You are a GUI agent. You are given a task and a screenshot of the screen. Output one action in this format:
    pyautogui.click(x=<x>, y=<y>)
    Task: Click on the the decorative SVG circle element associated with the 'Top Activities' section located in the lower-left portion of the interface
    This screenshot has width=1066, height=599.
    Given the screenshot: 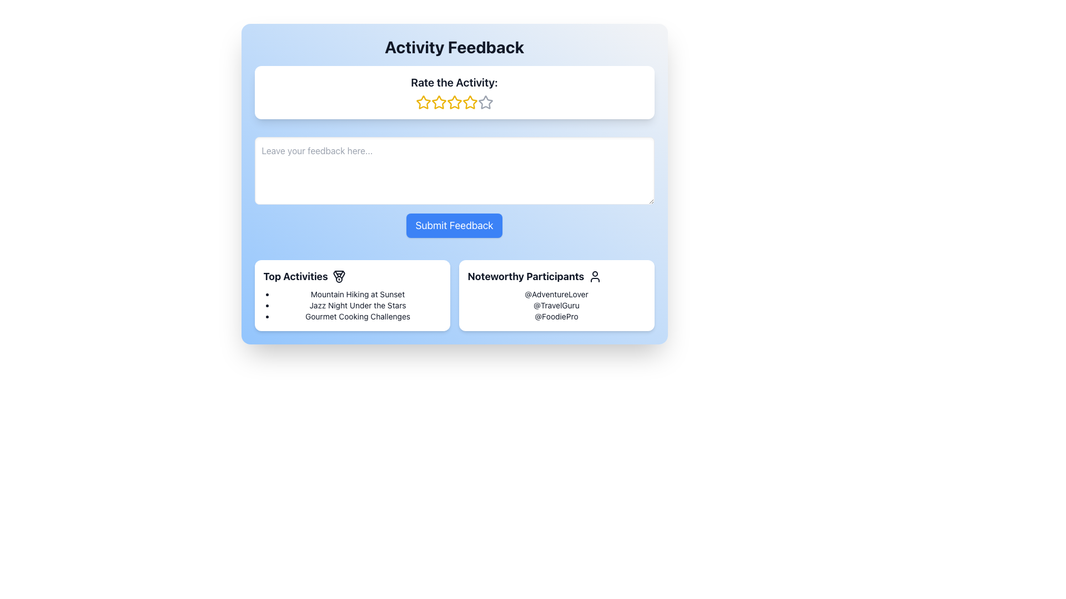 What is the action you would take?
    pyautogui.click(x=338, y=279)
    